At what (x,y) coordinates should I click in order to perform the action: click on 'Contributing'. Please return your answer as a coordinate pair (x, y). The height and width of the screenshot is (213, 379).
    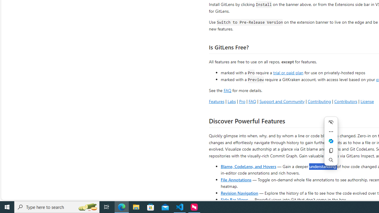
    Looking at the image, I should click on (319, 101).